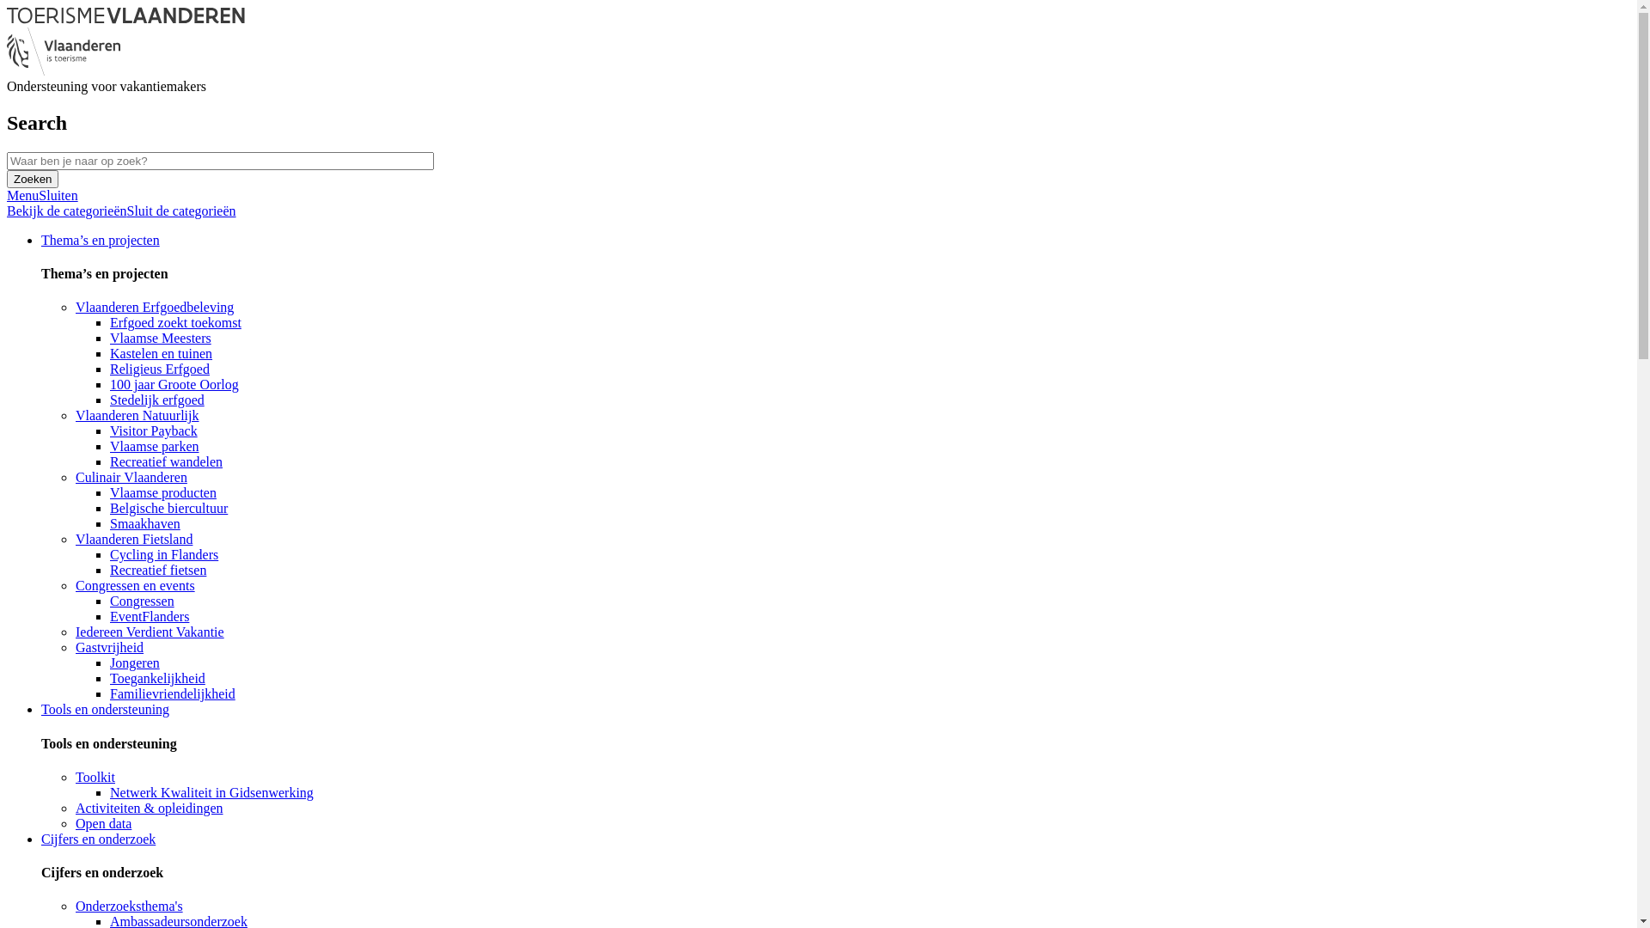 The image size is (1650, 928). I want to click on 'Cycling in Flanders', so click(164, 554).